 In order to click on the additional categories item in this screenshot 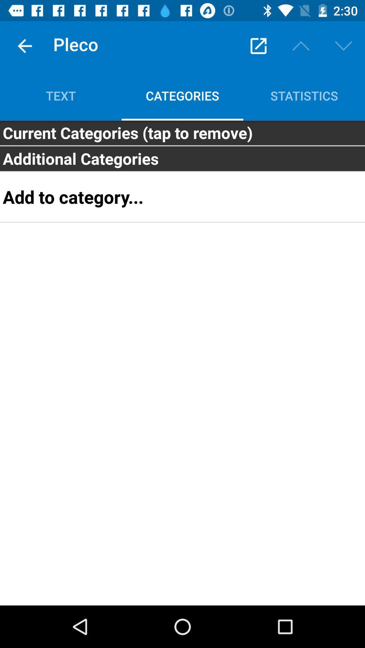, I will do `click(182, 158)`.